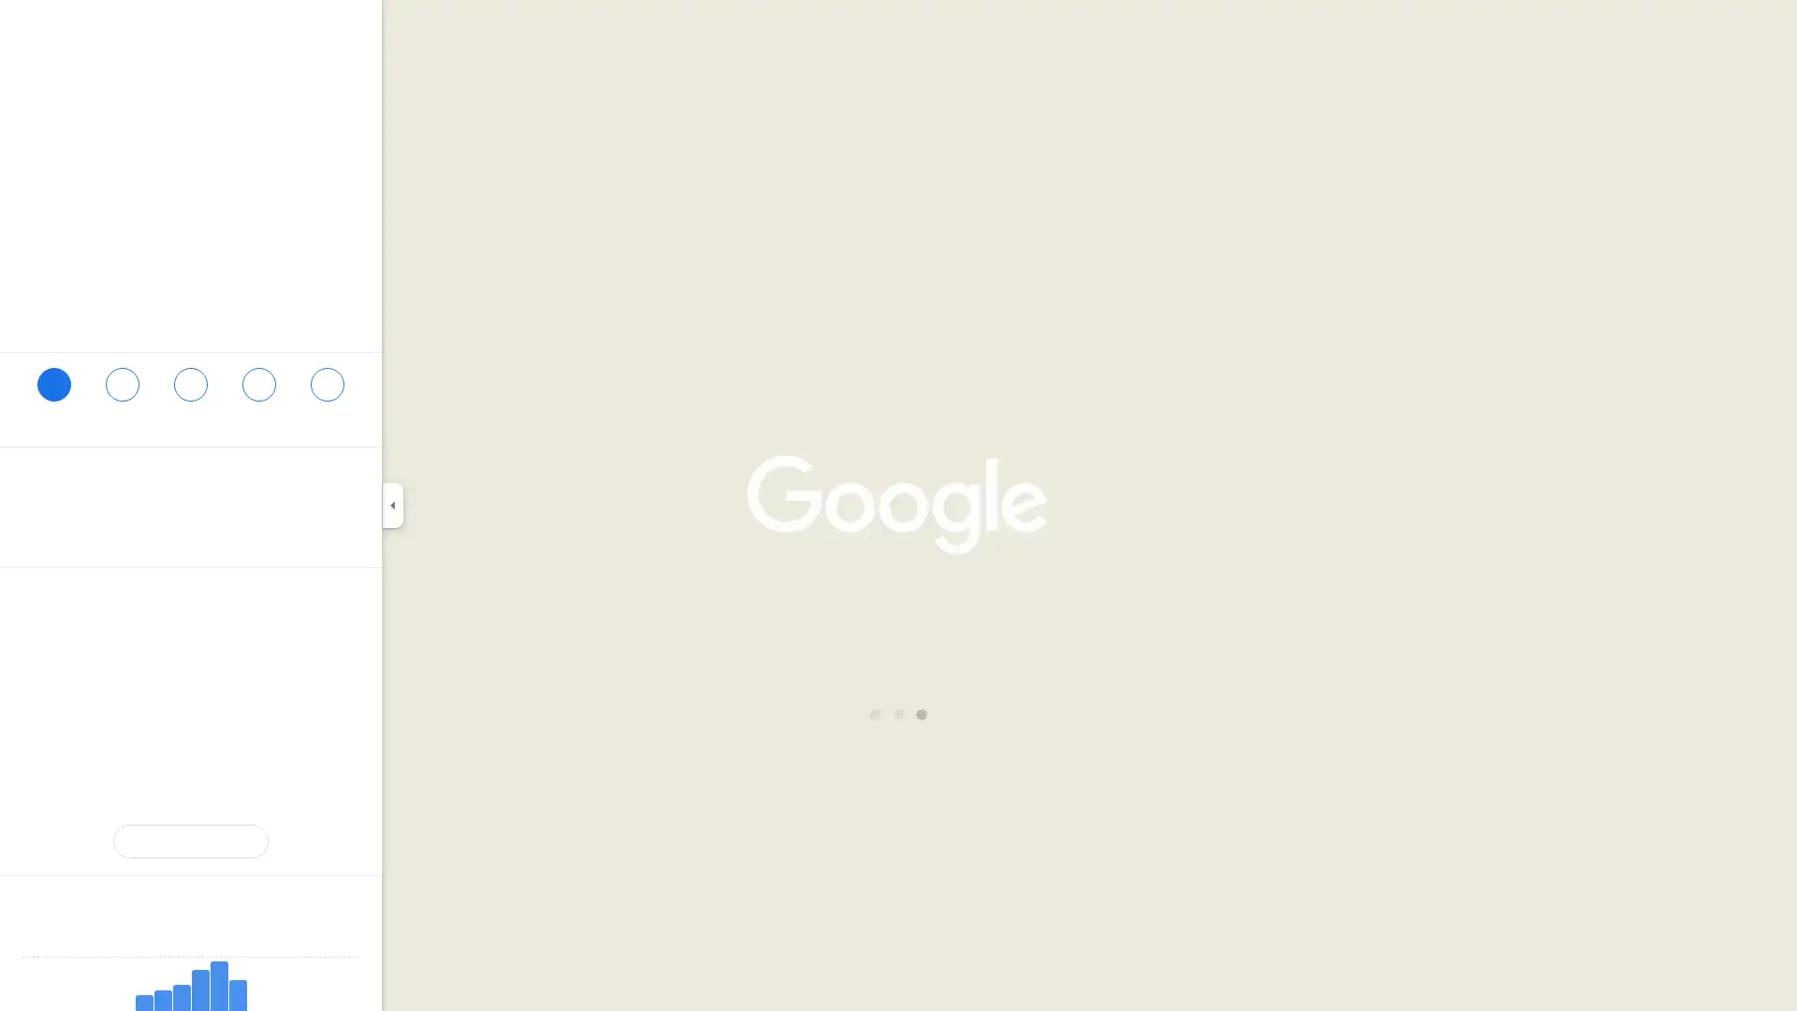 The image size is (1797, 1011). What do you see at coordinates (191, 822) in the screenshot?
I see `Suggest an edit` at bounding box center [191, 822].